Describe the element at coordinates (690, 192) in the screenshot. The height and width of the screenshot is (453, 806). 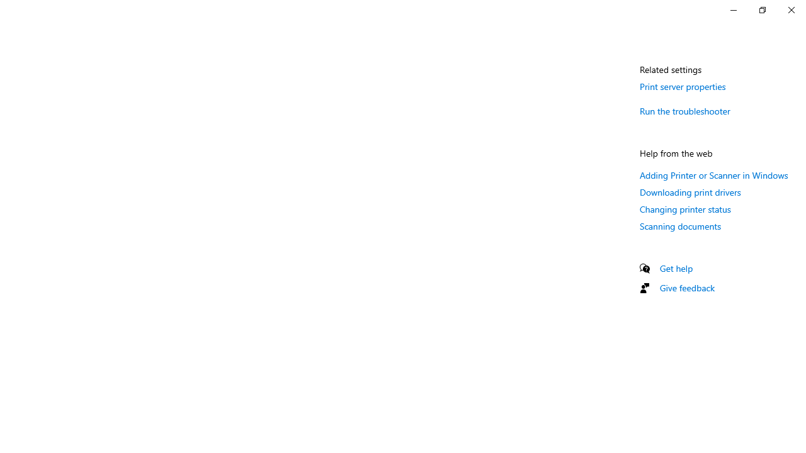
I see `'Downloading print drivers'` at that location.